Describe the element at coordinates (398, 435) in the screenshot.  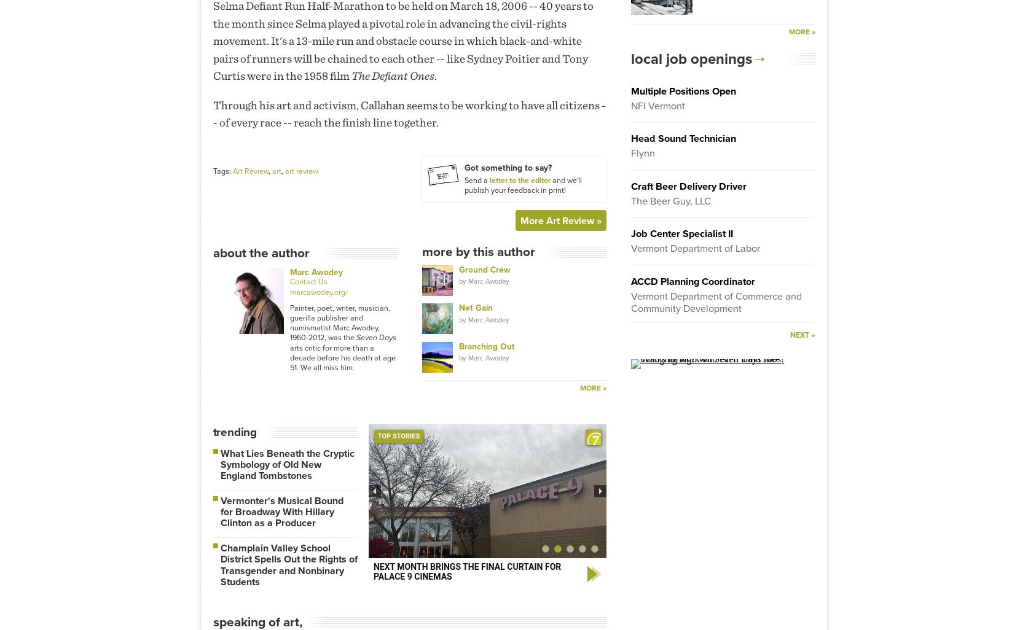
I see `'Top Stories'` at that location.